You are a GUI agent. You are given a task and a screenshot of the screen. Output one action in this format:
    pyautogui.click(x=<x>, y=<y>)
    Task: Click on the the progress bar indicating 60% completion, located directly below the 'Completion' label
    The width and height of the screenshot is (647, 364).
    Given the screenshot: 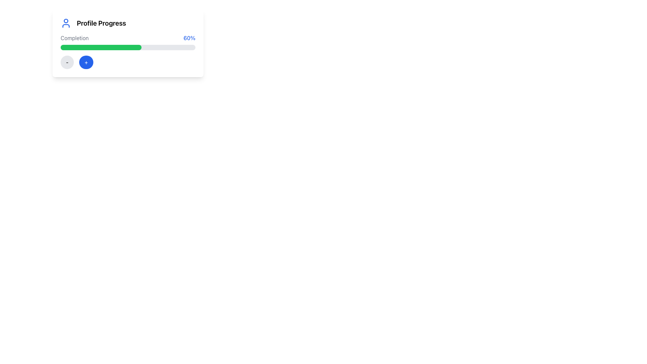 What is the action you would take?
    pyautogui.click(x=128, y=47)
    